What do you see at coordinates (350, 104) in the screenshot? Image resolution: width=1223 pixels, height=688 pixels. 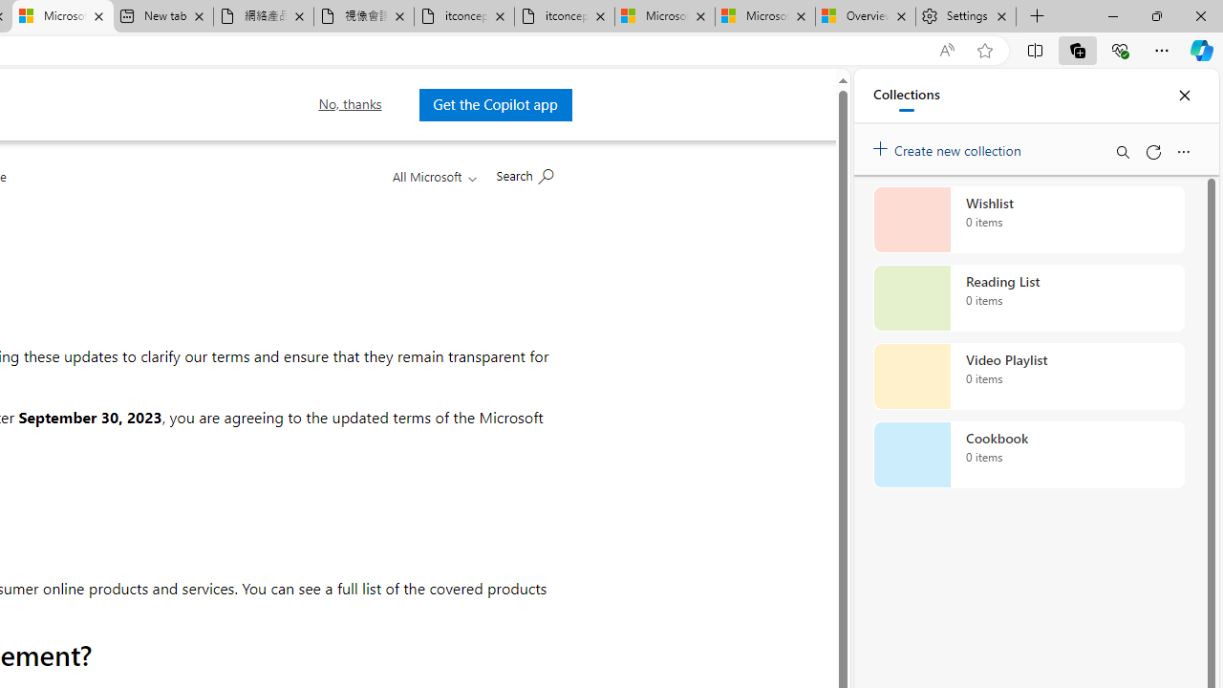 I see `'No, thanks'` at bounding box center [350, 104].